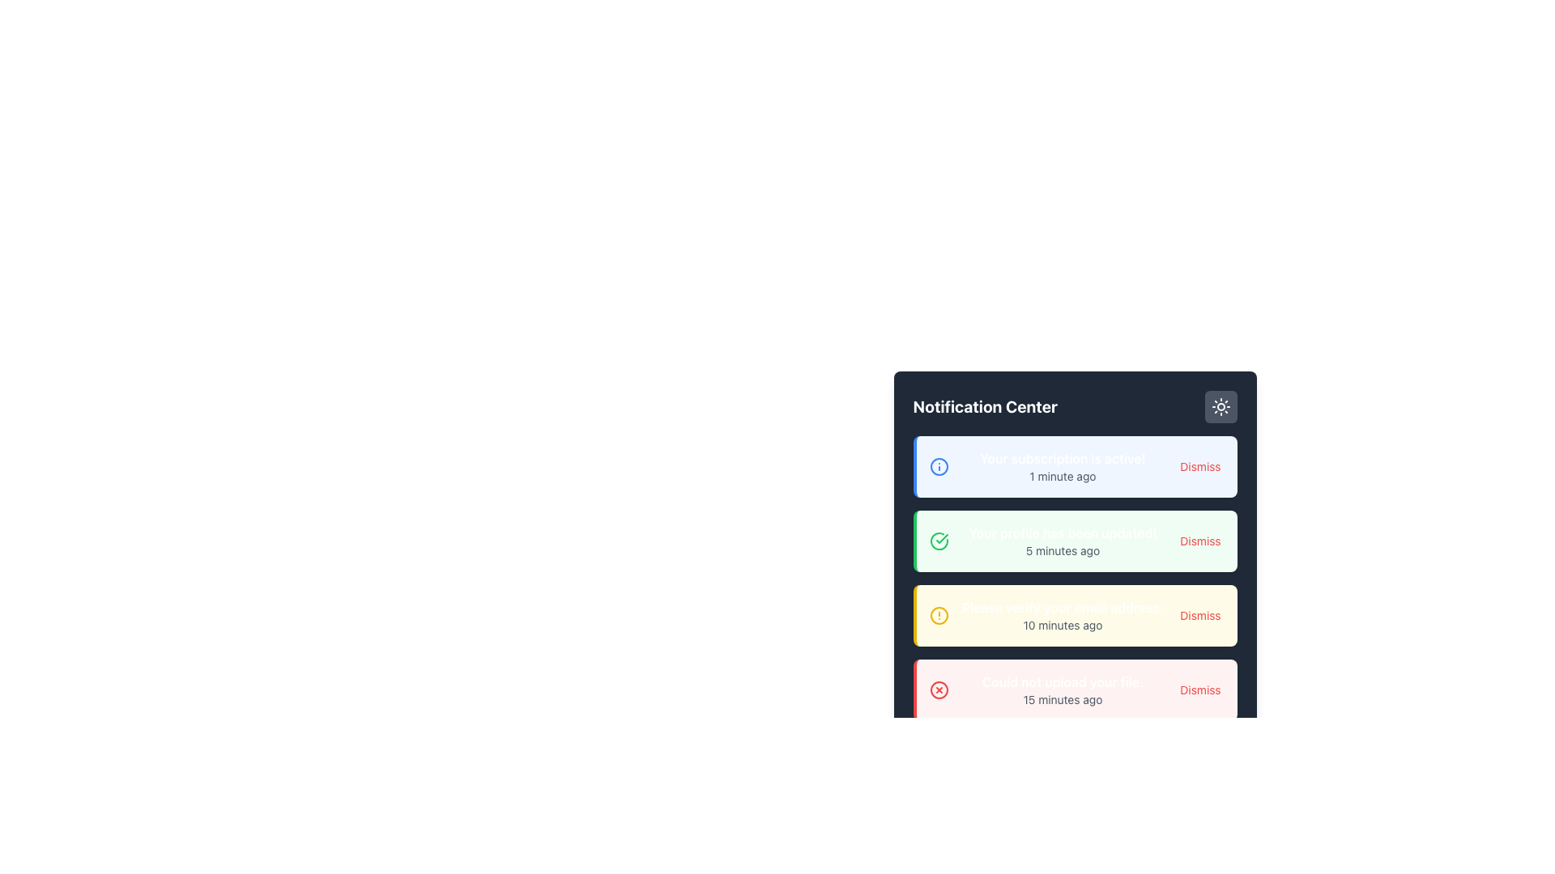  Describe the element at coordinates (939, 541) in the screenshot. I see `the visual indicator, which is a green circular icon with a check mark, located at the leftmost part of the notification saying 'Your profile has been updated!'` at that location.